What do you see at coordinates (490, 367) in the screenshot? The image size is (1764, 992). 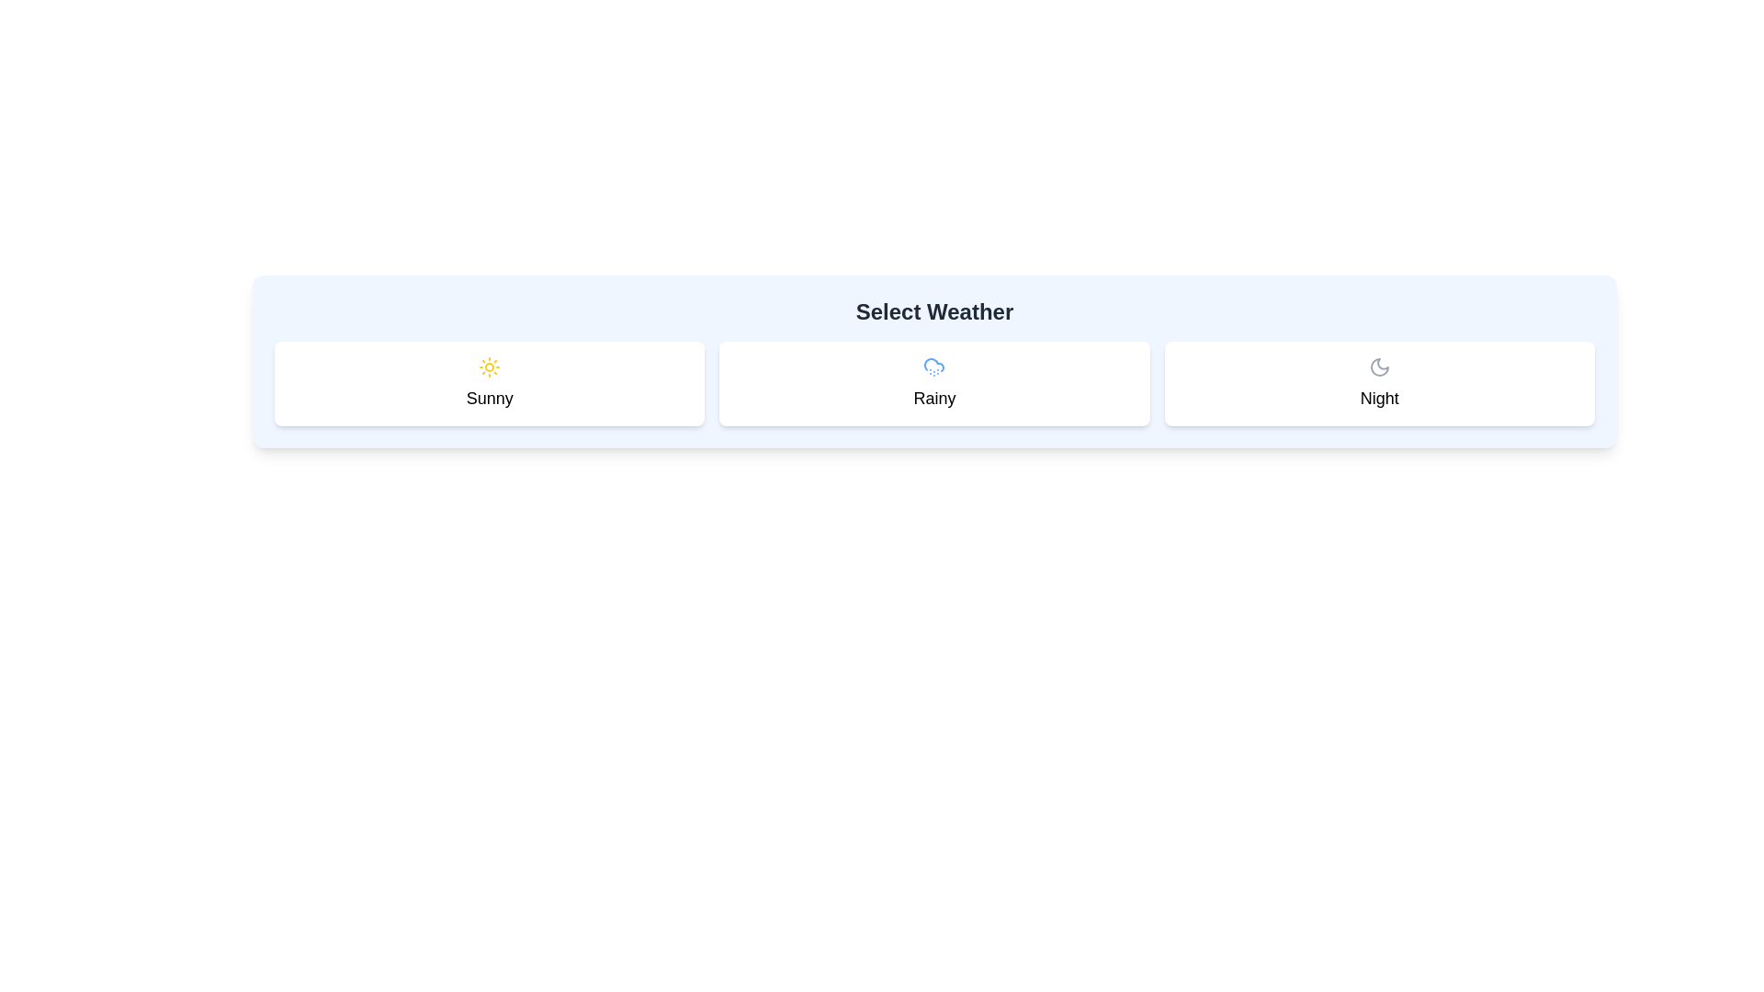 I see `the sunny weather icon located at the center of the 'Sunny' card, which is the leftmost card in the weather selection interface` at bounding box center [490, 367].